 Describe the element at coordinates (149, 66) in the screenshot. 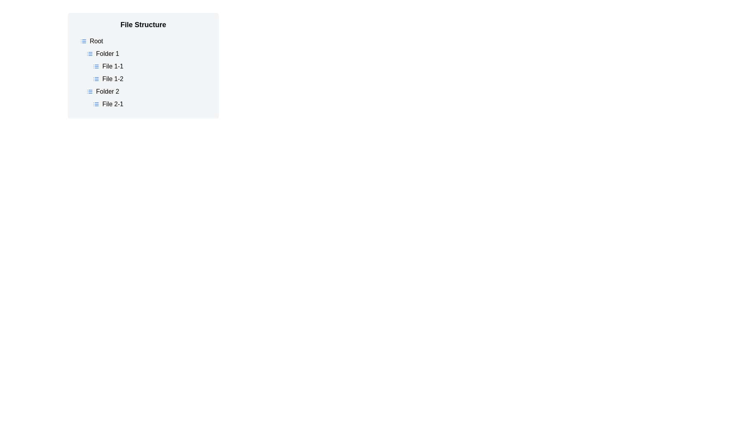

I see `the collapsible folder labeled 'Folder 1'` at that location.